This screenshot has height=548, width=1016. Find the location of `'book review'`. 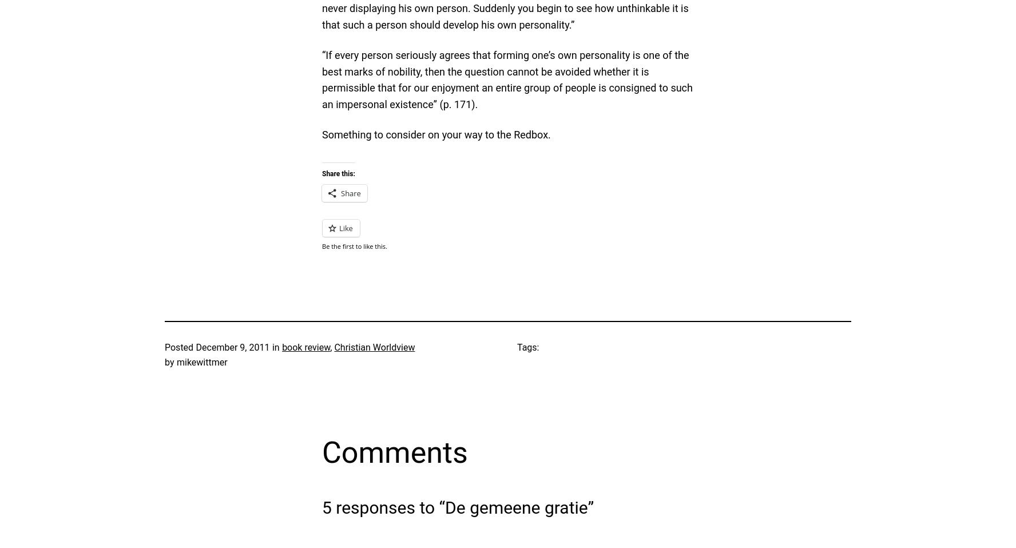

'book review' is located at coordinates (305, 347).